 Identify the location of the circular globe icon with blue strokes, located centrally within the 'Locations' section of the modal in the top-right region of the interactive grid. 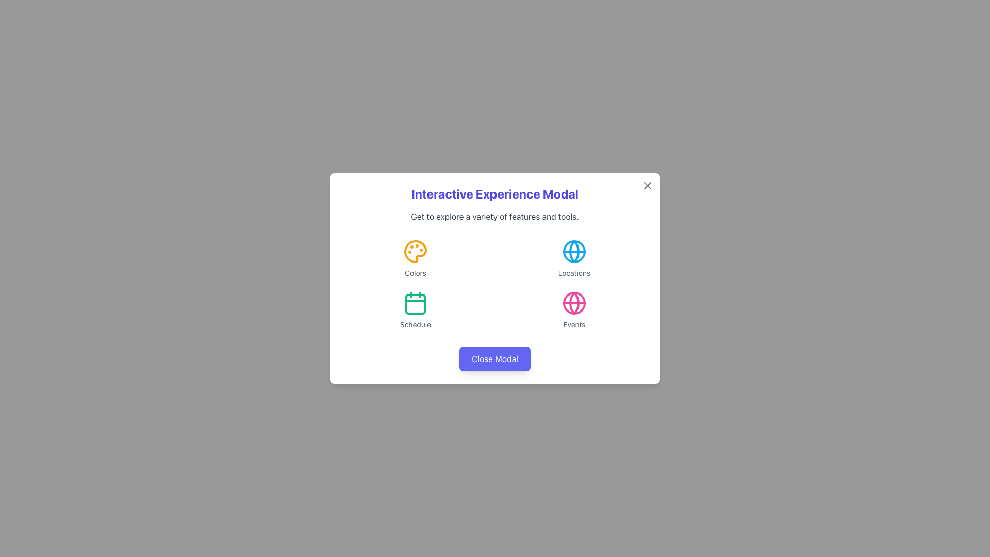
(573, 252).